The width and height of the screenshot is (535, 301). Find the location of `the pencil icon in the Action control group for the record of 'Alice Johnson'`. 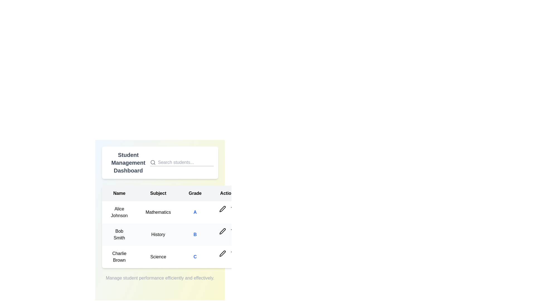

the pencil icon in the Action control group for the record of 'Alice Johnson' is located at coordinates (228, 209).